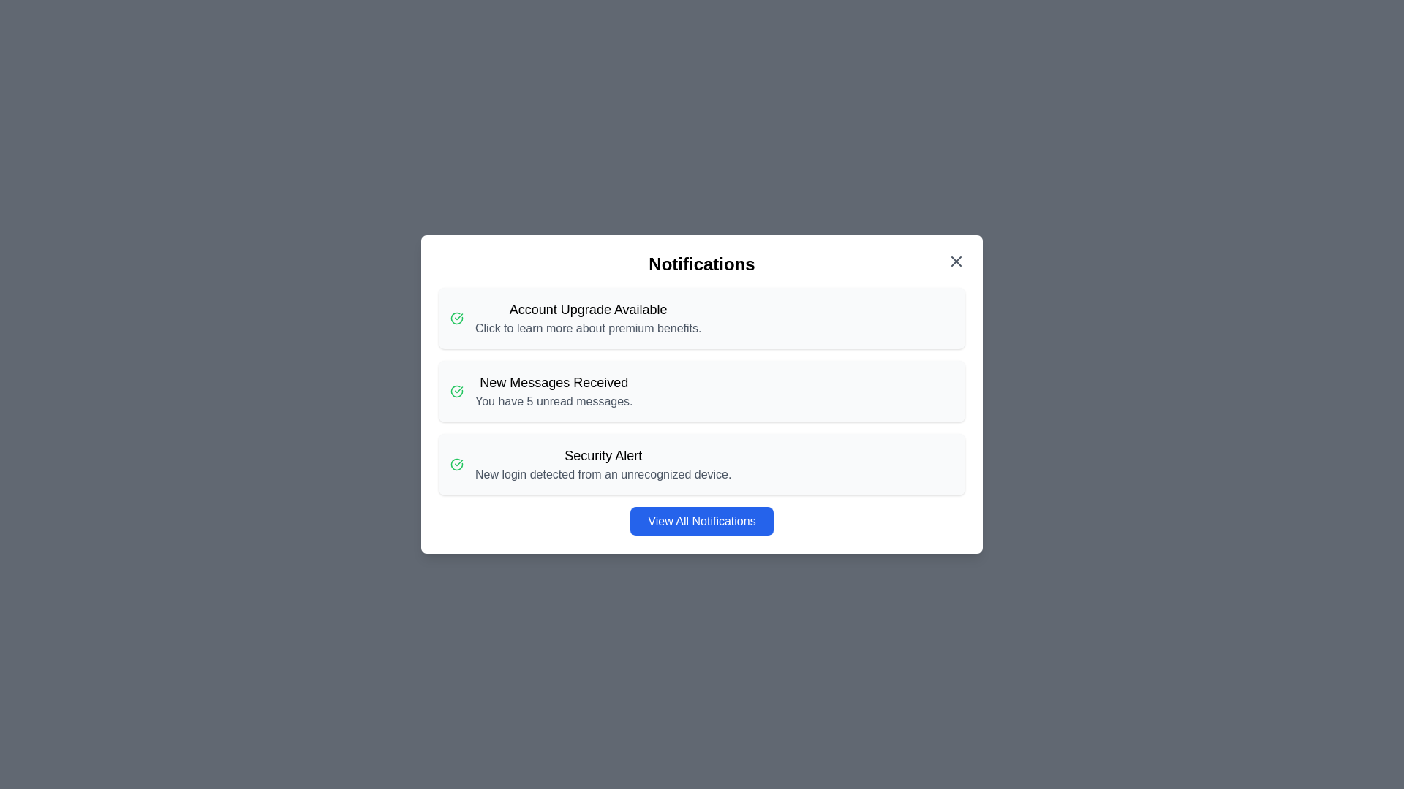  Describe the element at coordinates (456, 317) in the screenshot. I see `the circular green icon with a white border located next to the 'New Messages Received' notification in the notification dialog` at that location.